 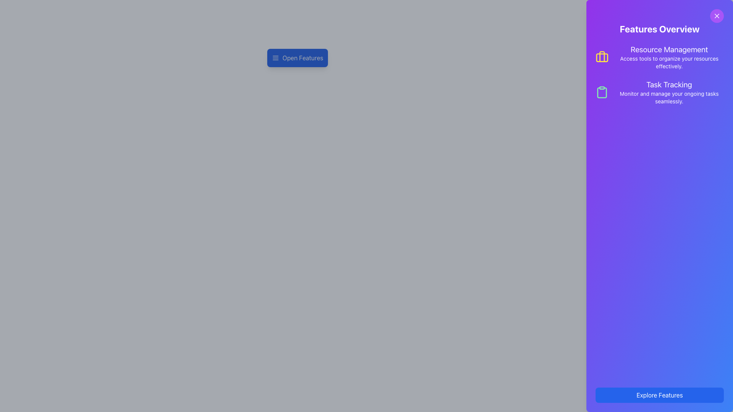 I want to click on the close button represented as an SVG graphic in the top-right corner of the interface, which is used, so click(x=716, y=16).